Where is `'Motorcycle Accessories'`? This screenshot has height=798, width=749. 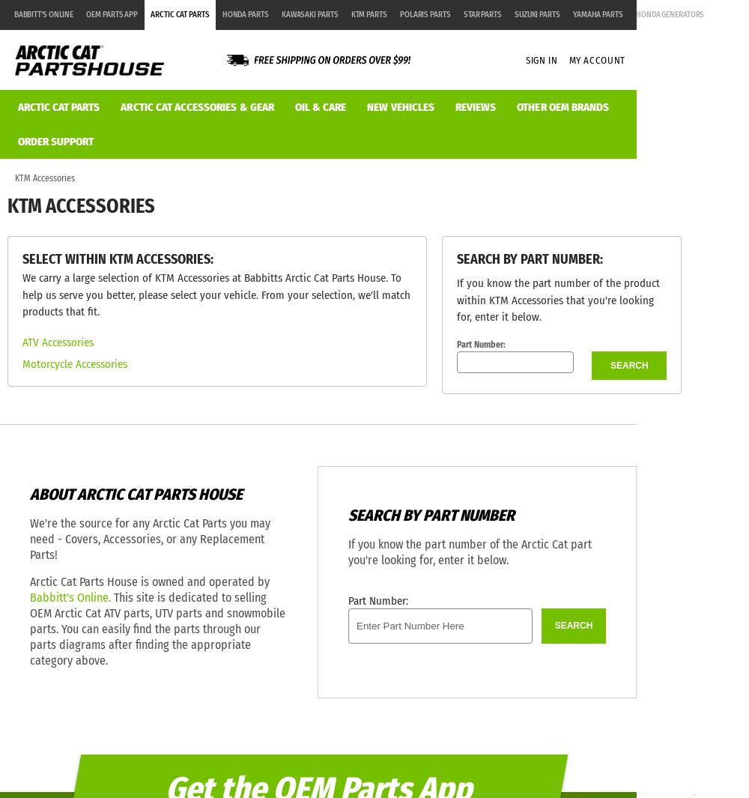
'Motorcycle Accessories' is located at coordinates (22, 363).